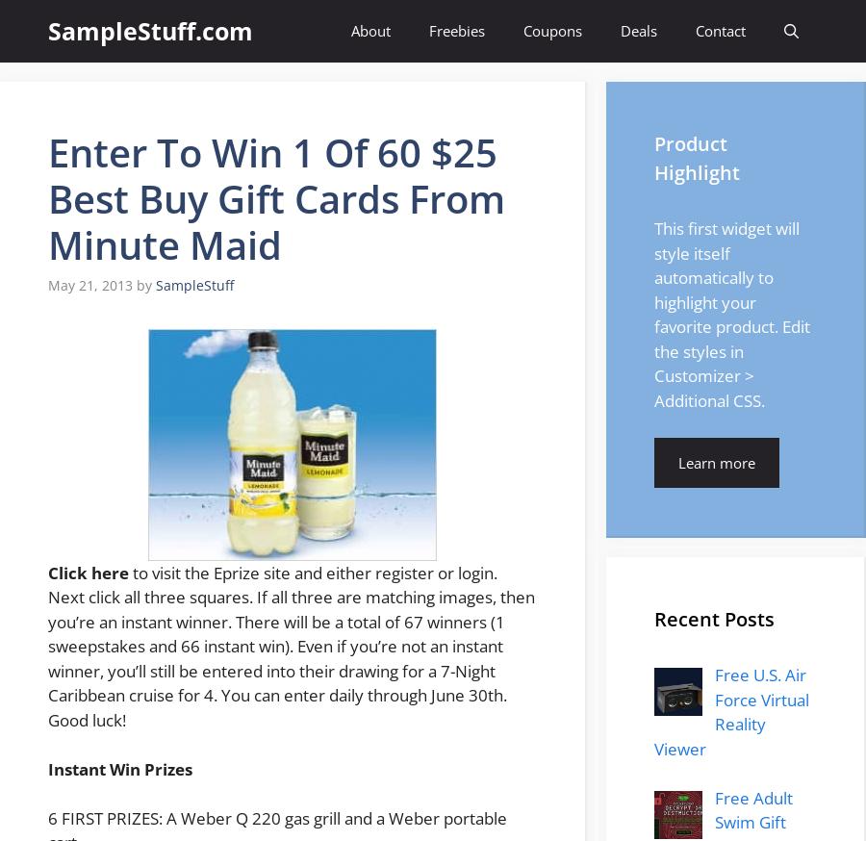 This screenshot has width=866, height=841. I want to click on 'Enter To Win 1 Of 60 $25 Best Buy Gift Cards From Minute Maid', so click(275, 197).